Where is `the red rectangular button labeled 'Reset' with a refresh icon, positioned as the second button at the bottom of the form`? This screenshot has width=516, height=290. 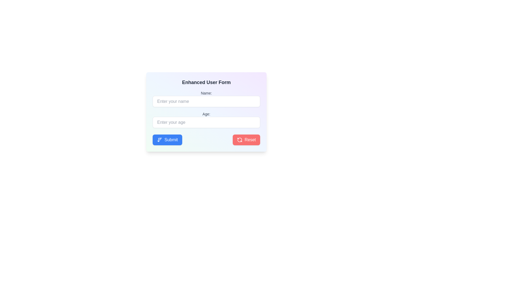
the red rectangular button labeled 'Reset' with a refresh icon, positioned as the second button at the bottom of the form is located at coordinates (246, 139).